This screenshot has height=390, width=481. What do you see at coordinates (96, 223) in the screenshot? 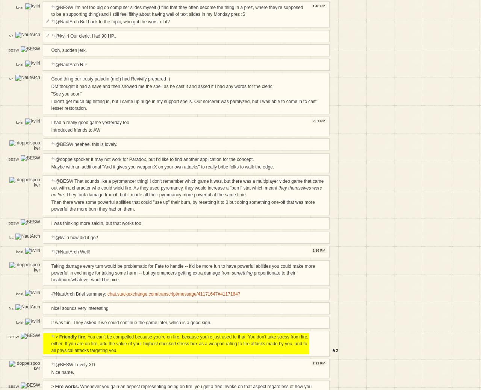
I see `'I was thinking more saidin, but that works too!'` at bounding box center [96, 223].